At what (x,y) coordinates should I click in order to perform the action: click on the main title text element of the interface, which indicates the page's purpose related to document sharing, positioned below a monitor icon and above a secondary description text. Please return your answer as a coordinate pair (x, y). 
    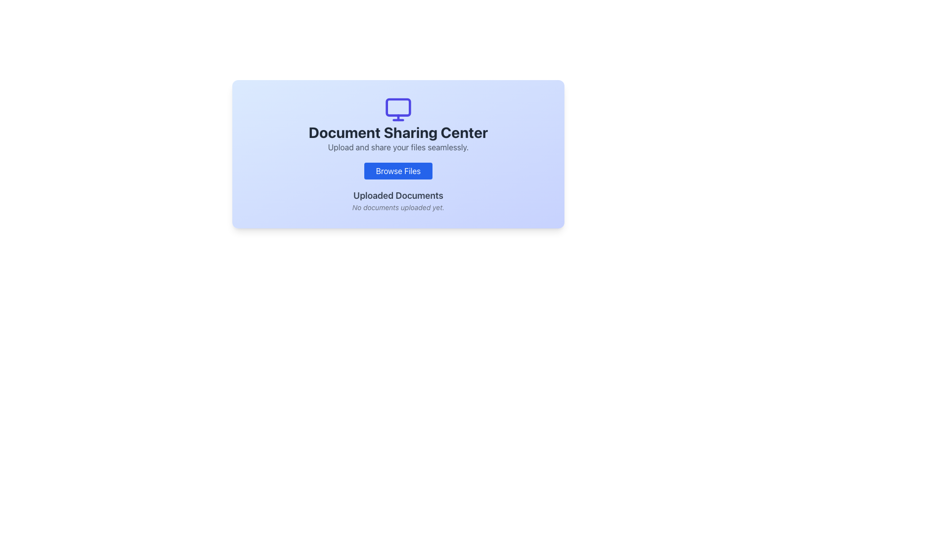
    Looking at the image, I should click on (398, 132).